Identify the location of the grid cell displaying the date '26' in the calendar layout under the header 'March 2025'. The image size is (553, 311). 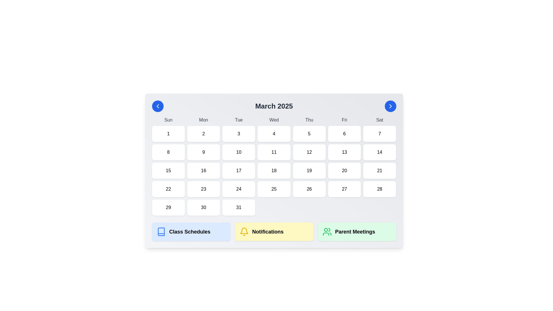
(309, 189).